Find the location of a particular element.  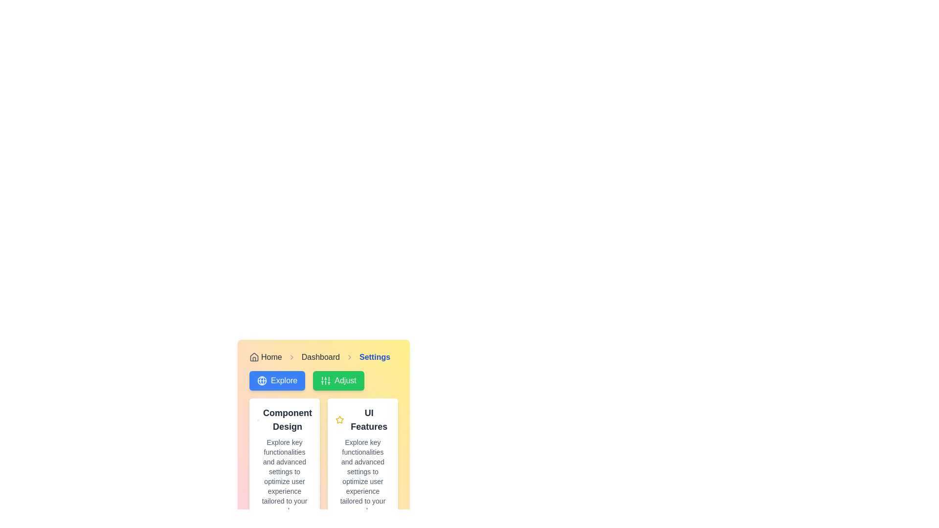

the globe icon element, which is part of the graphical representation indicating global settings or exploration, positioned near the top-left area of the UI is located at coordinates (262, 380).